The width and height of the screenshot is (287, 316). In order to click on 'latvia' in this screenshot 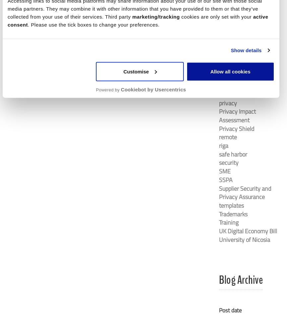, I will do `click(226, 9)`.